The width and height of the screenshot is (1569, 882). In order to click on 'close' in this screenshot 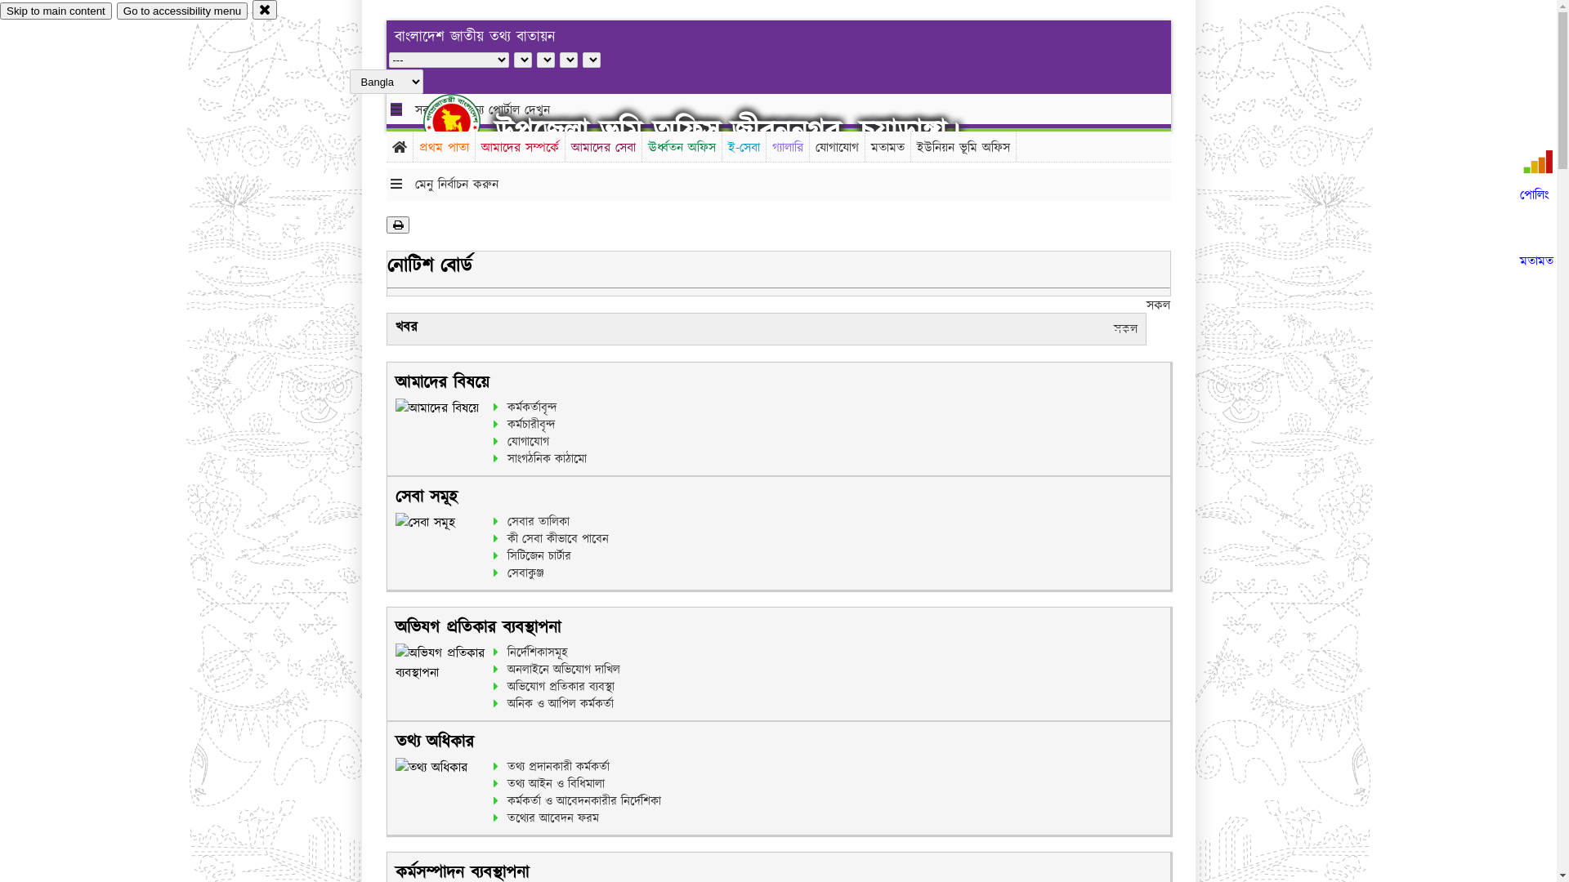, I will do `click(251, 9)`.